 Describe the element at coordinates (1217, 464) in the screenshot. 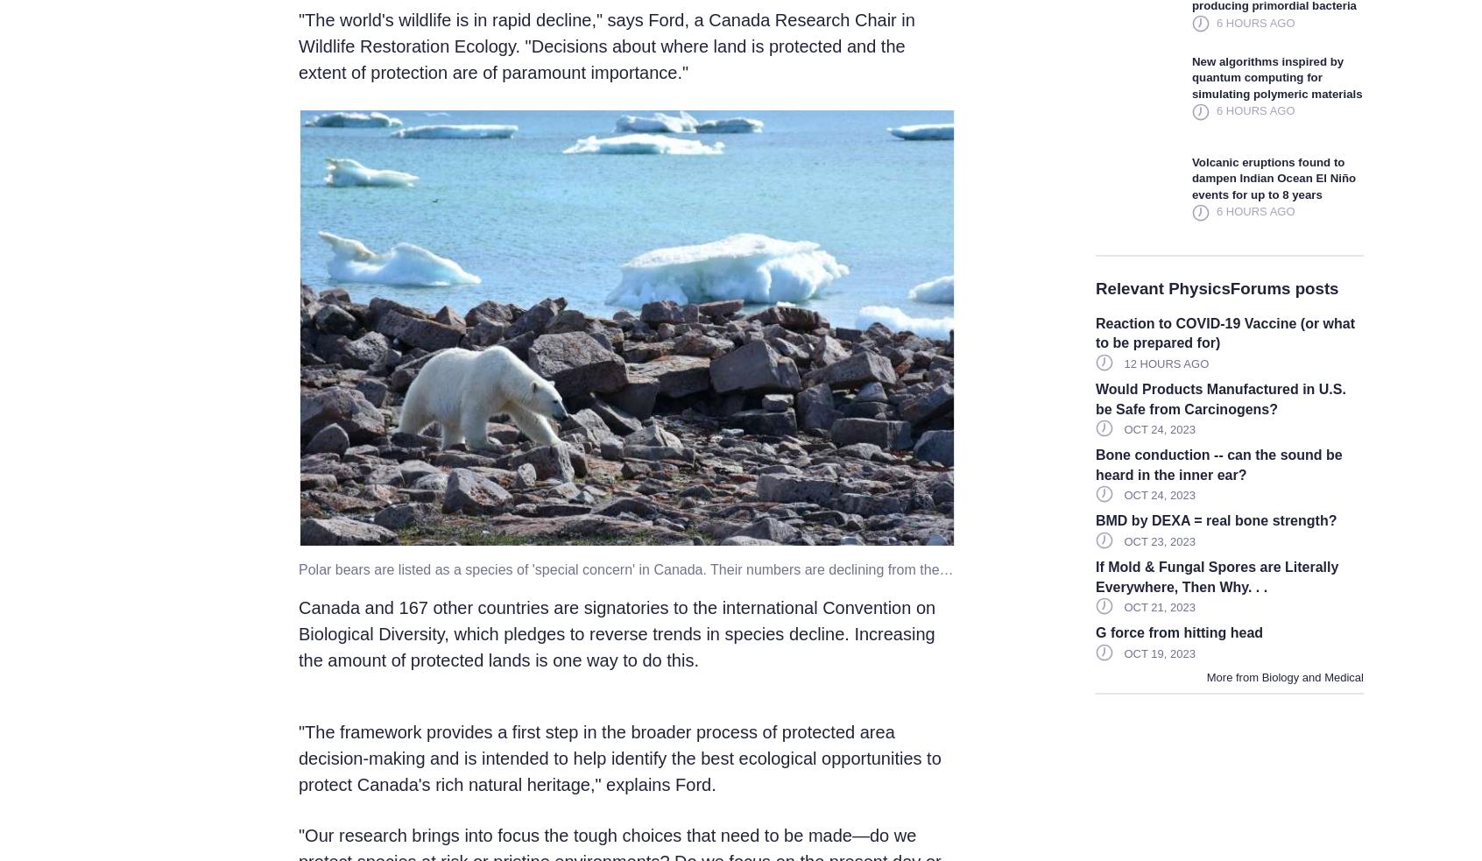

I see `'Bone conduction -- can the sound be heard in the inner ear?'` at that location.